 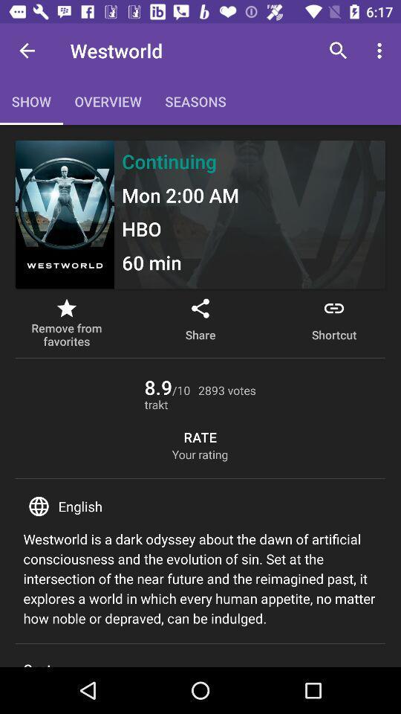 What do you see at coordinates (27, 51) in the screenshot?
I see `item to the left of the overview item` at bounding box center [27, 51].